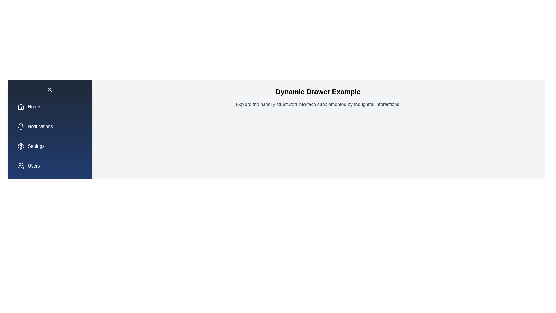 This screenshot has width=556, height=313. What do you see at coordinates (50, 146) in the screenshot?
I see `the menu item labeled Settings` at bounding box center [50, 146].